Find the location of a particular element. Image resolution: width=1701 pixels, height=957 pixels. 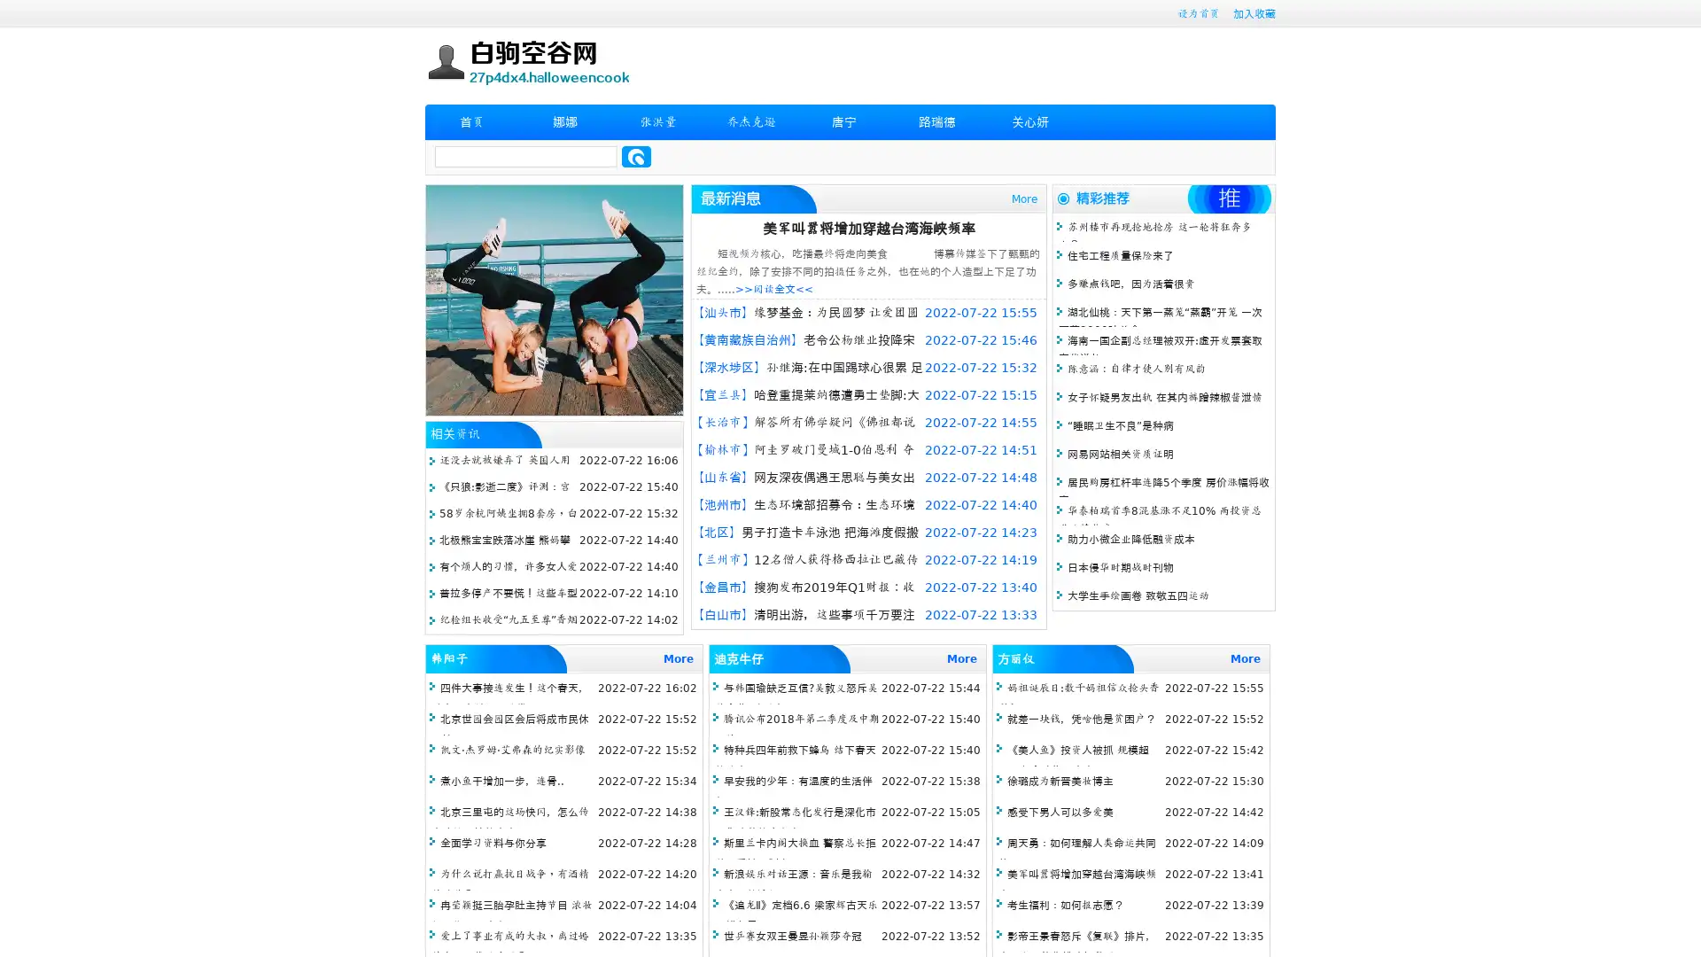

Search is located at coordinates (636, 156).